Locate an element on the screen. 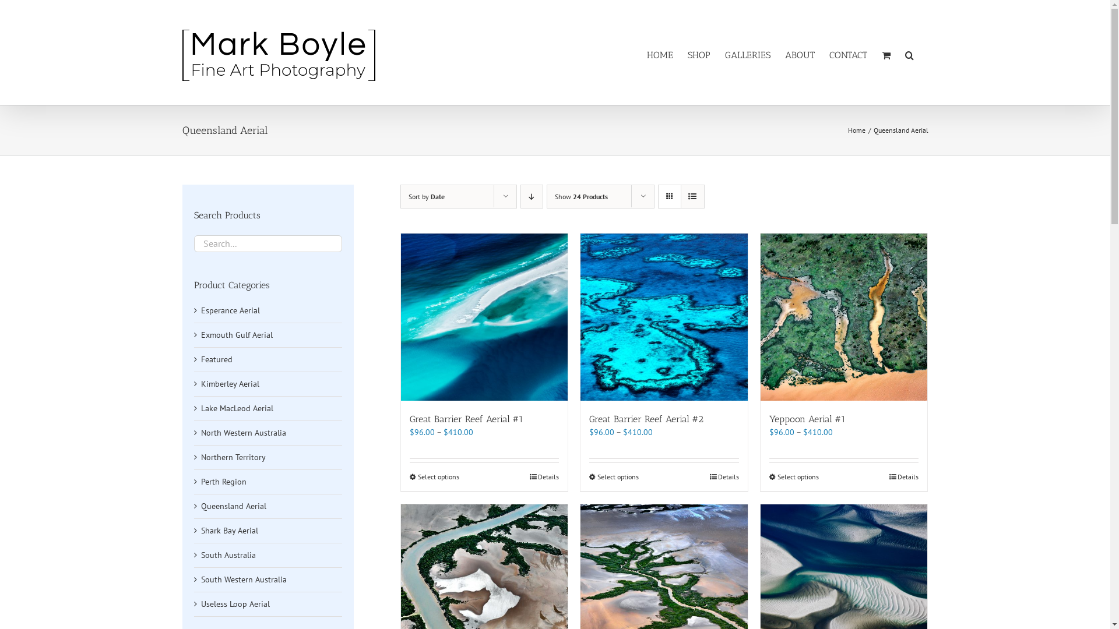 Image resolution: width=1119 pixels, height=629 pixels. 'South Australia' is located at coordinates (227, 554).